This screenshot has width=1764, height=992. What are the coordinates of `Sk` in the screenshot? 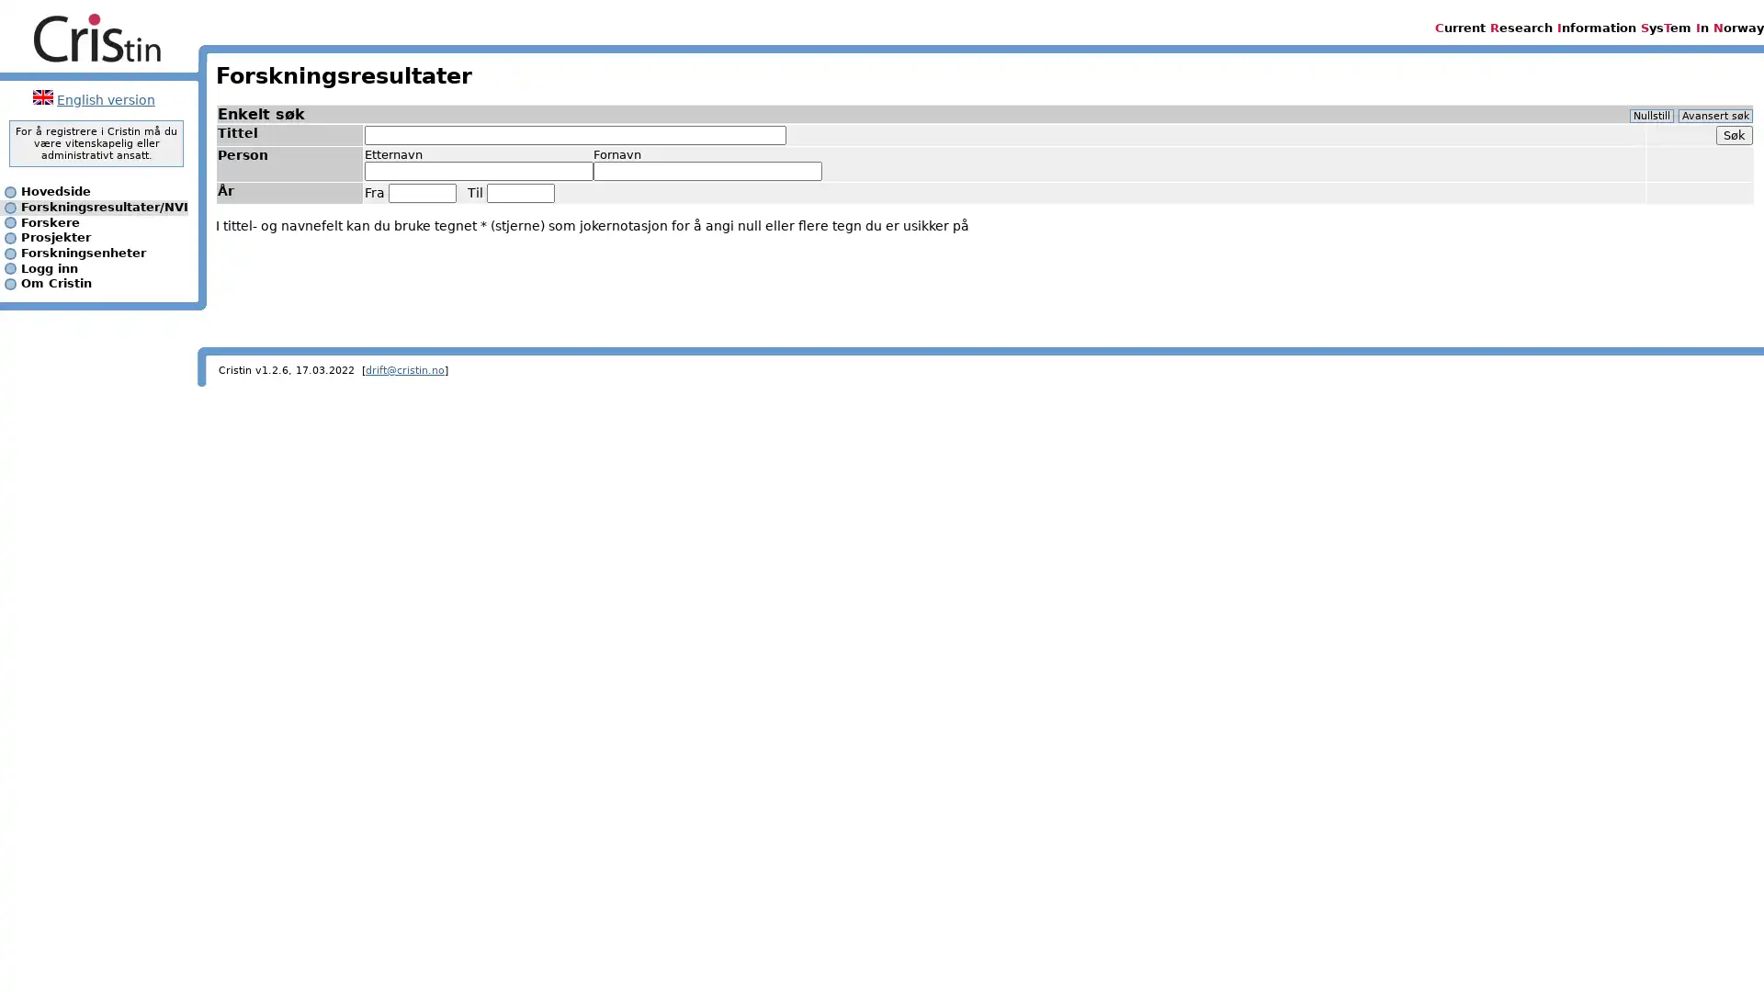 It's located at (1733, 134).